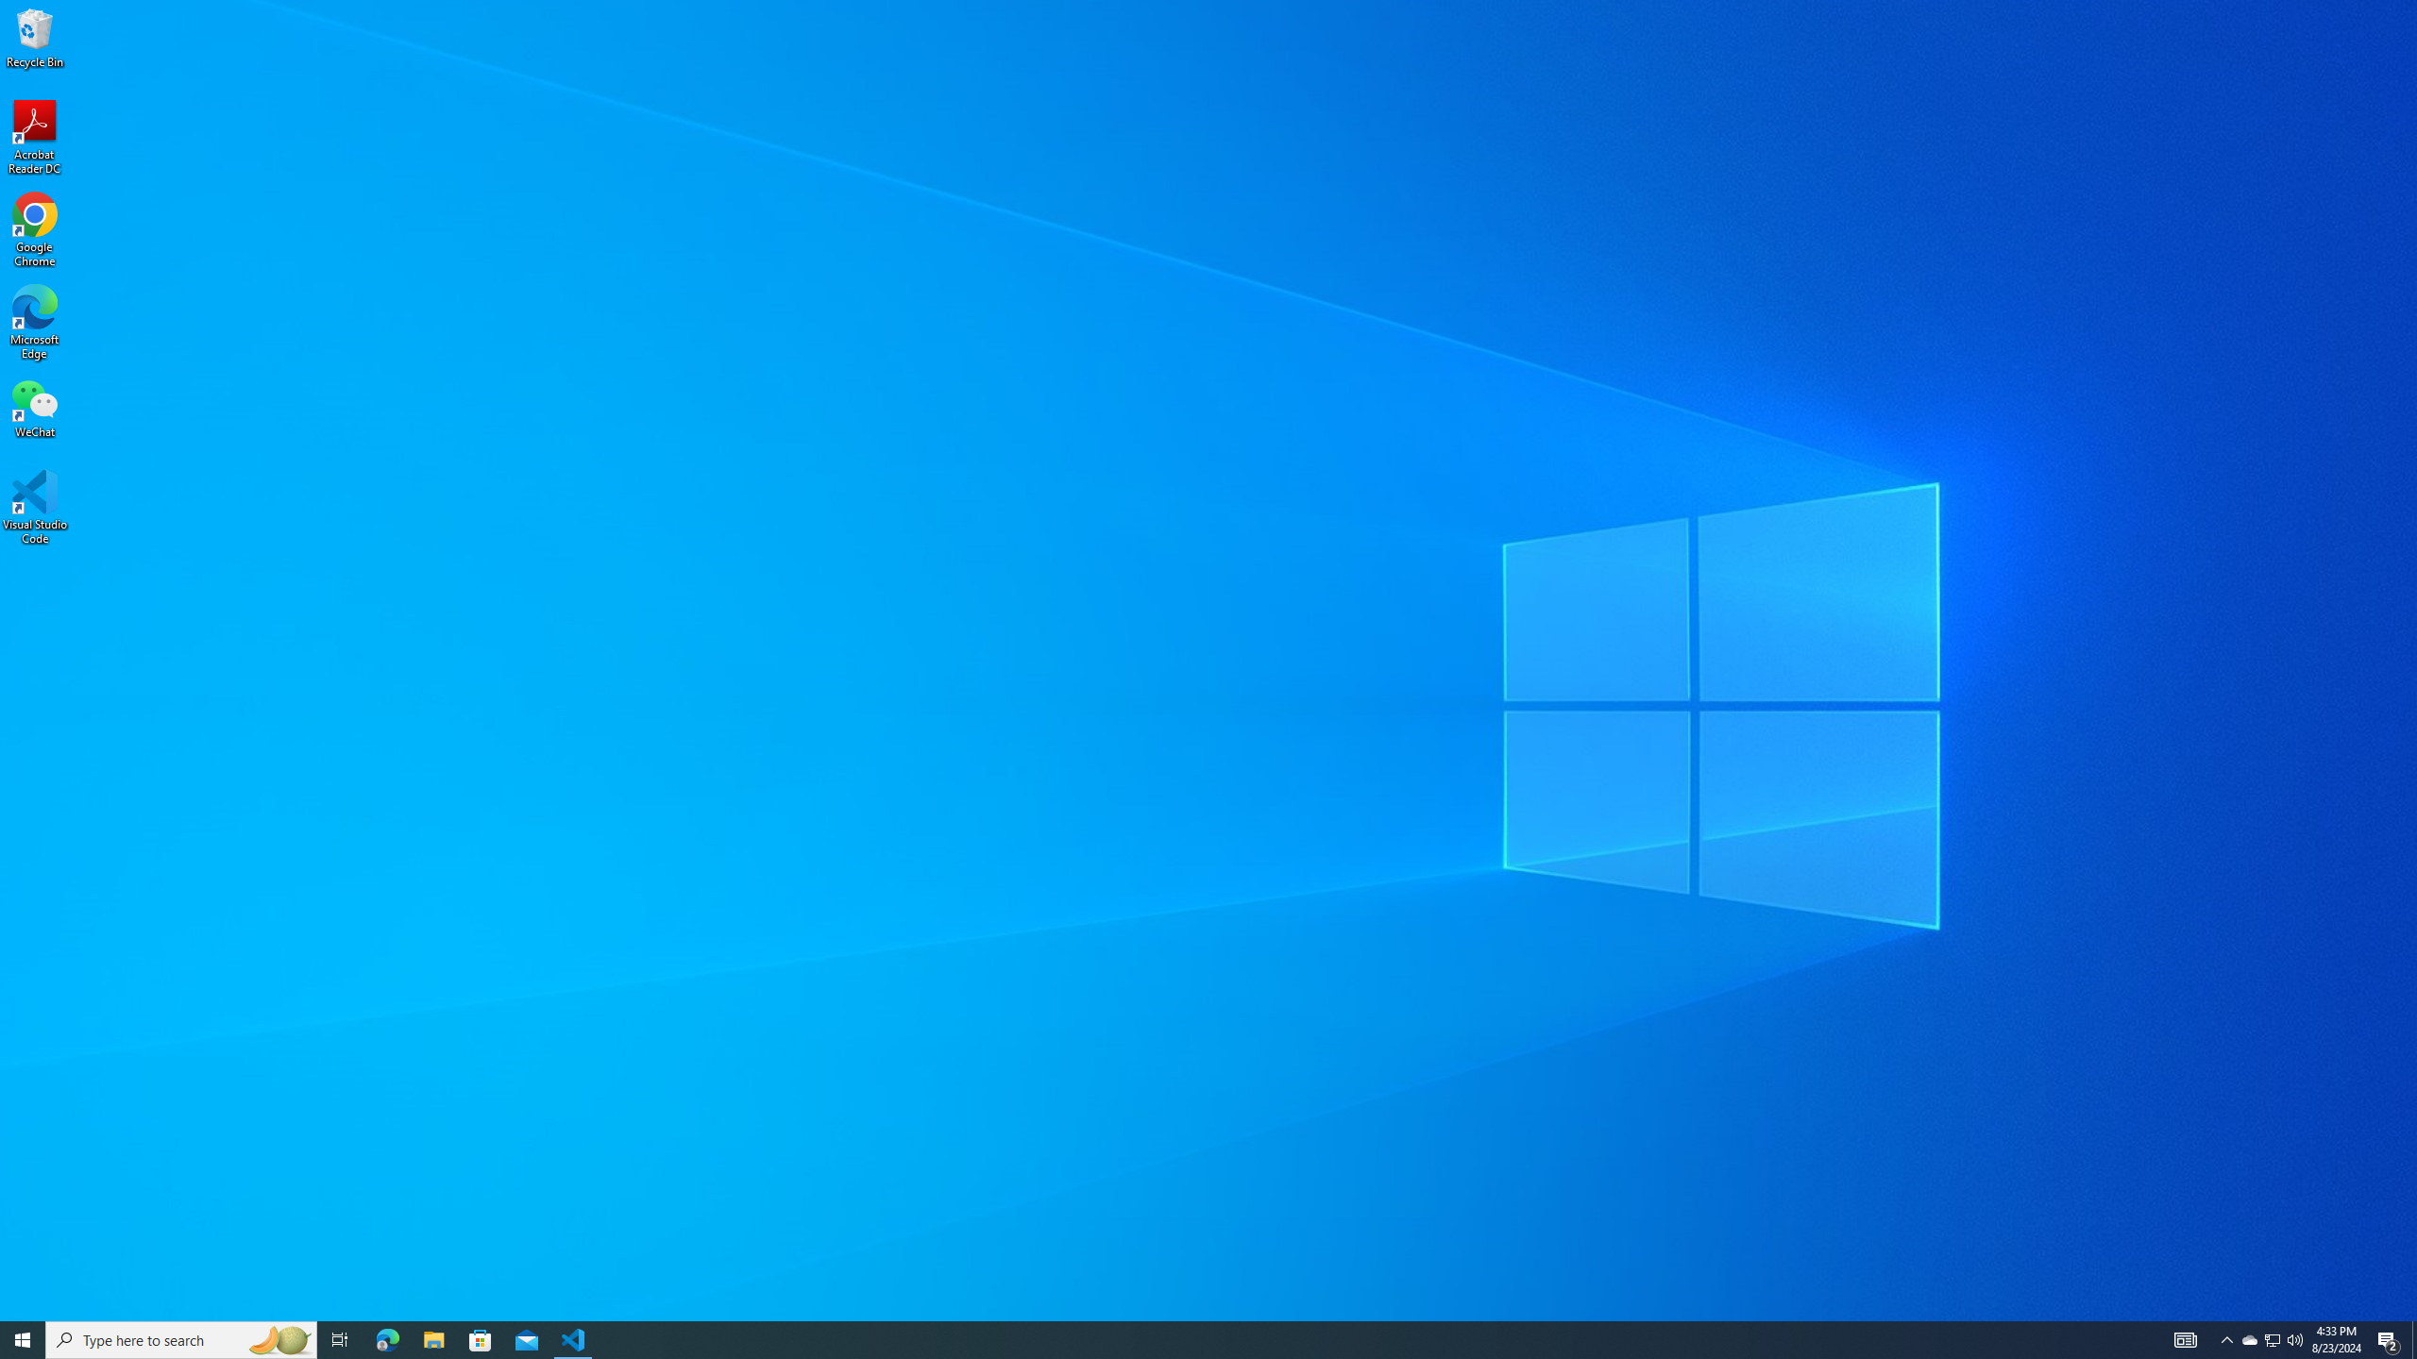  I want to click on 'Recycle Bin', so click(34, 36).